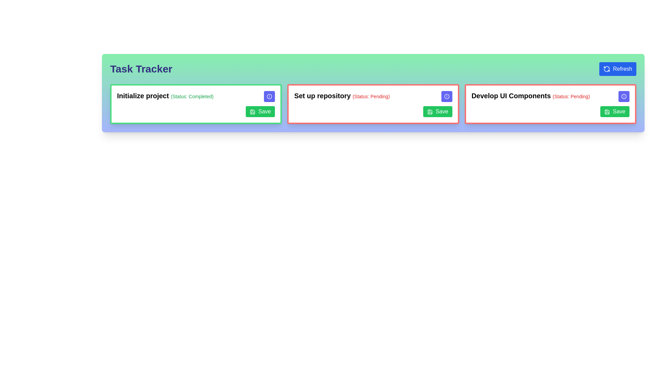  What do you see at coordinates (165, 97) in the screenshot?
I see `the text label that states 'Initialize project' with smaller green text '(Status: Completed)' located in the first task card on the left side of the task tracker interface` at bounding box center [165, 97].